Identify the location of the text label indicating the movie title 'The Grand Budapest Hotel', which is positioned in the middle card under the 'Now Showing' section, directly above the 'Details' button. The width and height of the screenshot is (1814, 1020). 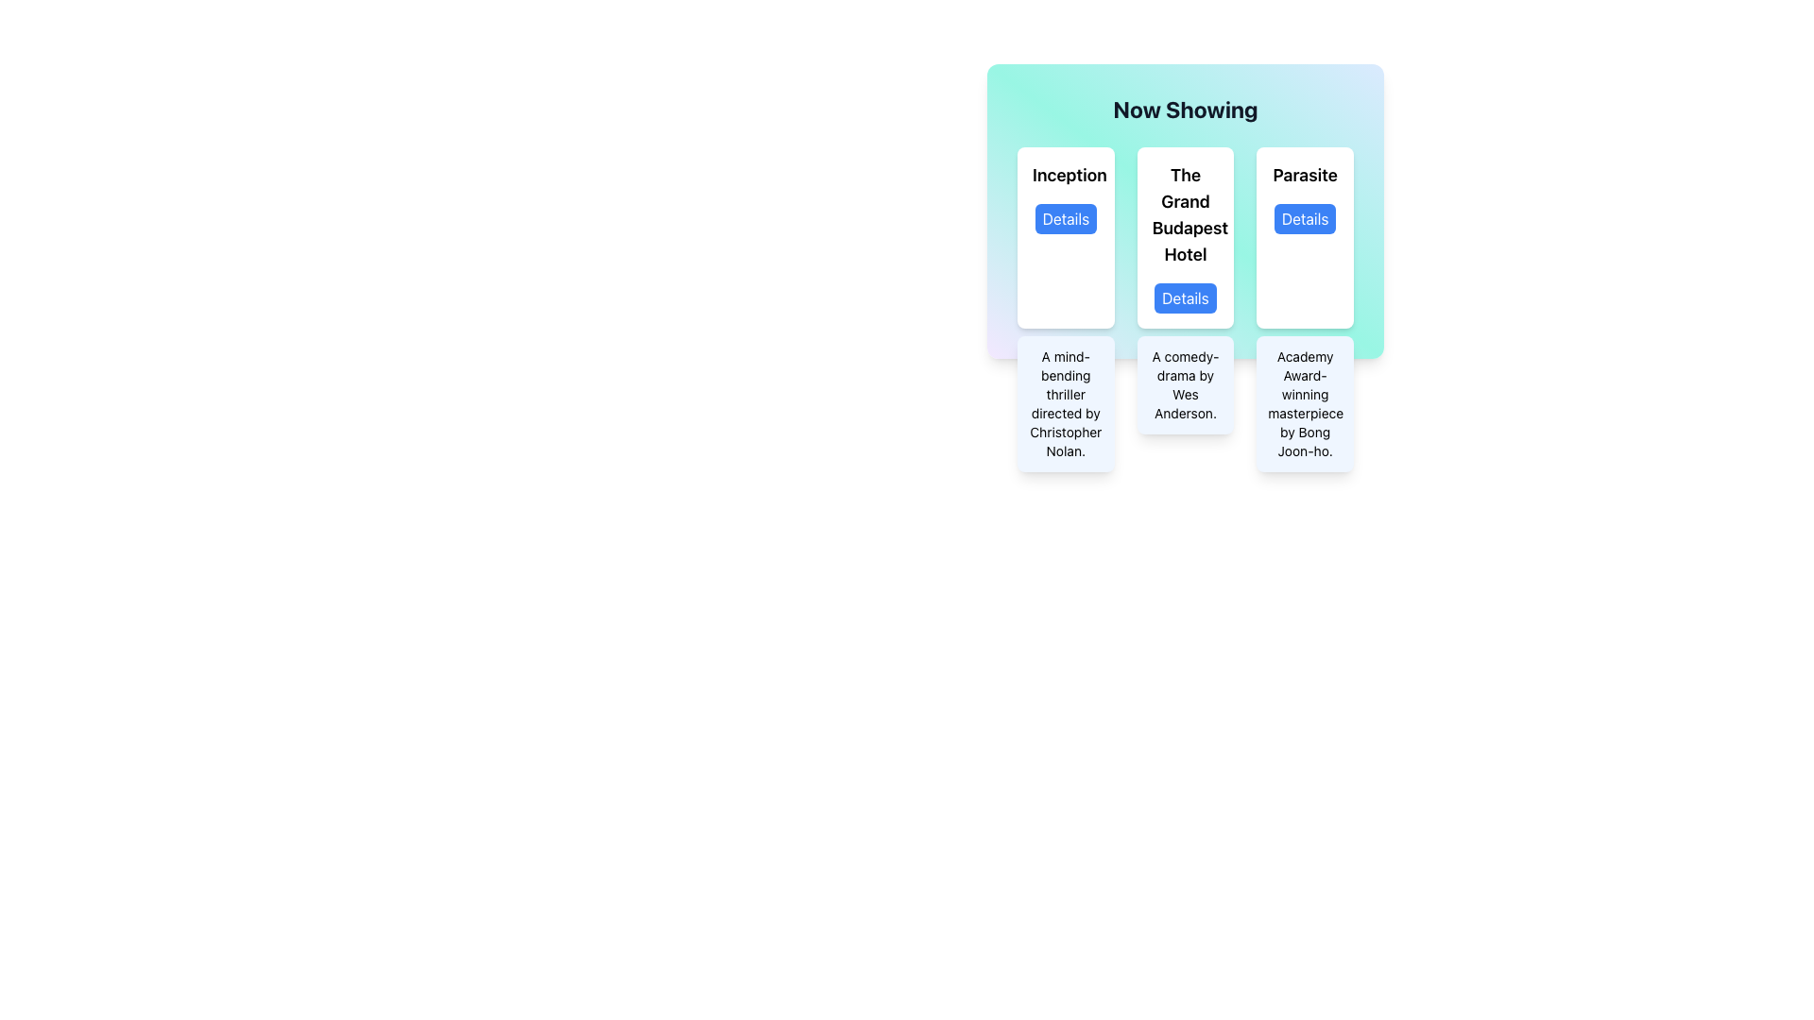
(1184, 213).